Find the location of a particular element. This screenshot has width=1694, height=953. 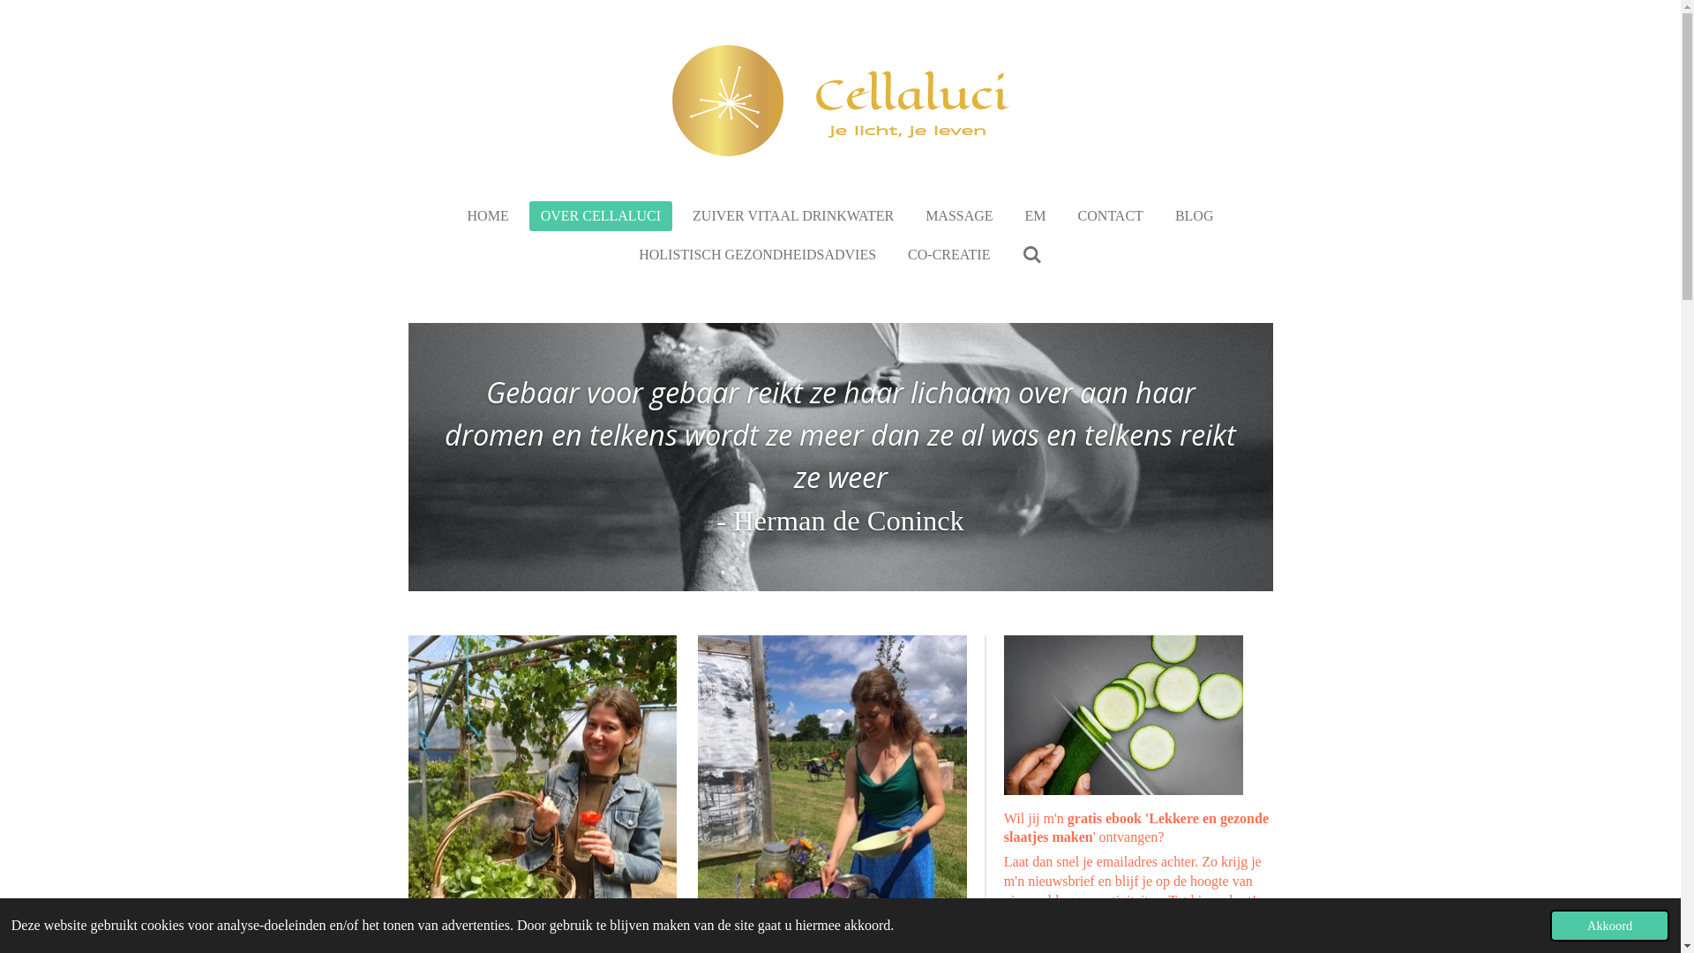

'CO-CREATIE' is located at coordinates (896, 255).